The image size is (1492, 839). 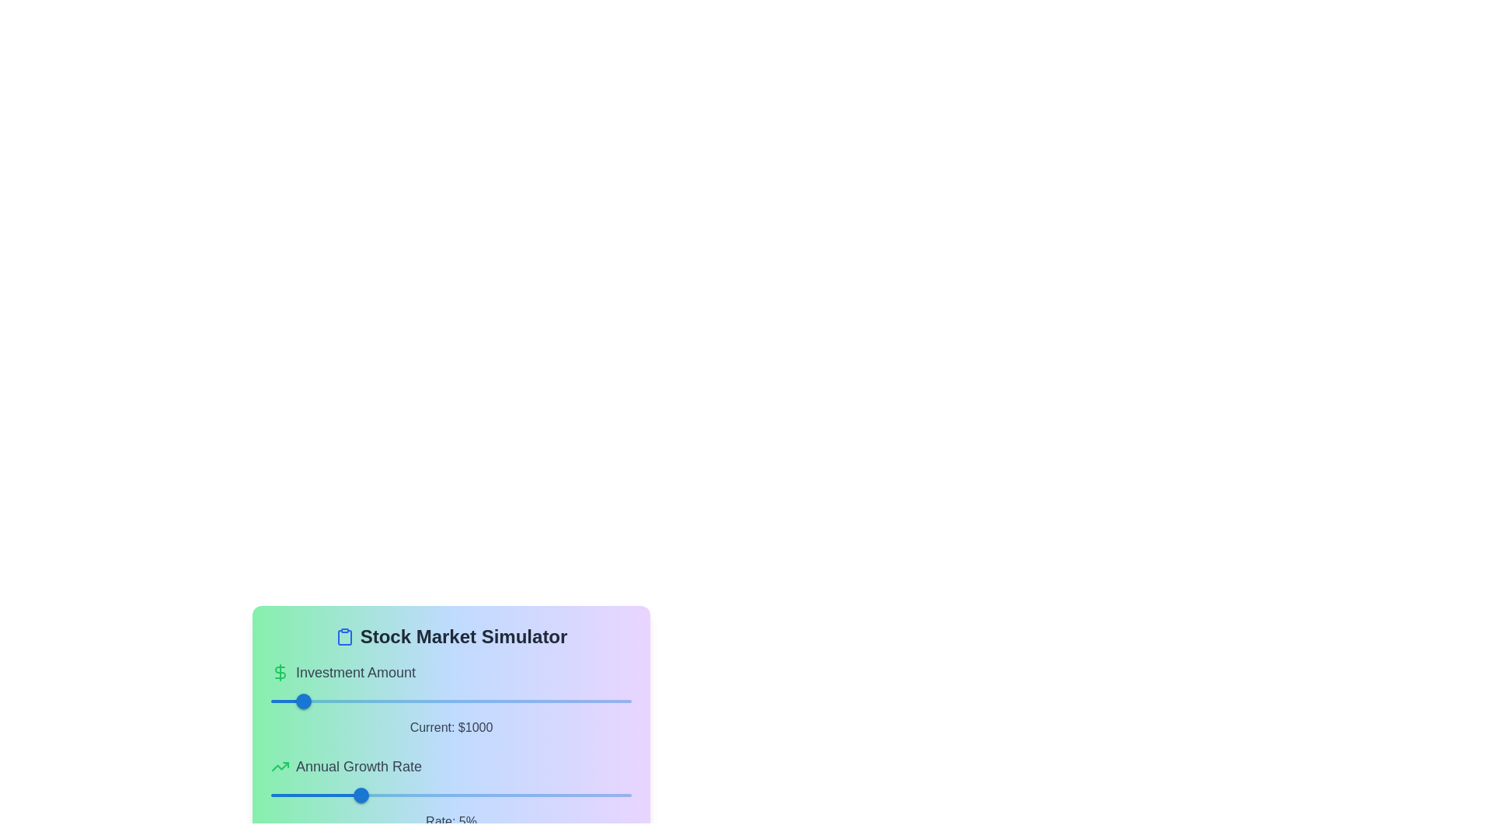 I want to click on the dollar sign icon located in the header preceding the text 'Investment Amount', so click(x=280, y=672).